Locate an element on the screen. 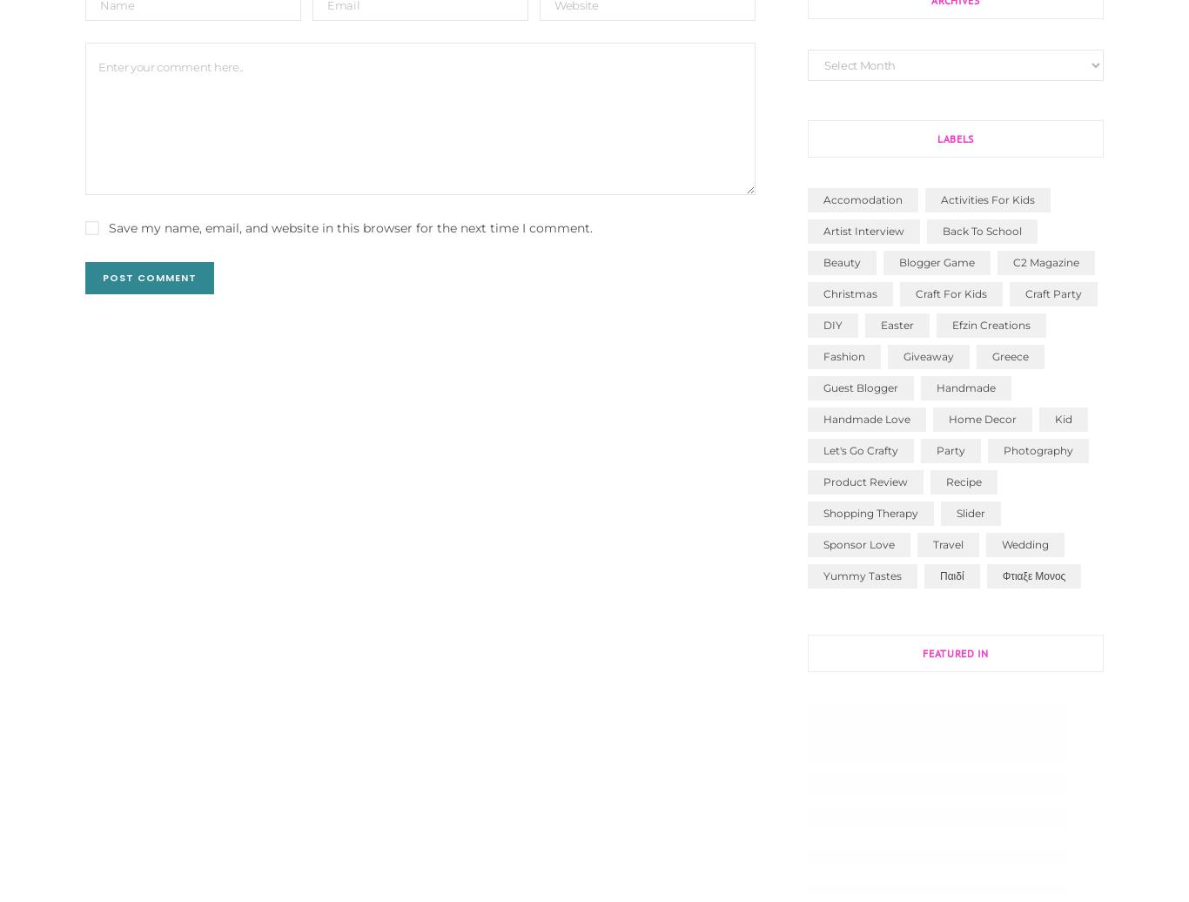  'party' is located at coordinates (950, 449).